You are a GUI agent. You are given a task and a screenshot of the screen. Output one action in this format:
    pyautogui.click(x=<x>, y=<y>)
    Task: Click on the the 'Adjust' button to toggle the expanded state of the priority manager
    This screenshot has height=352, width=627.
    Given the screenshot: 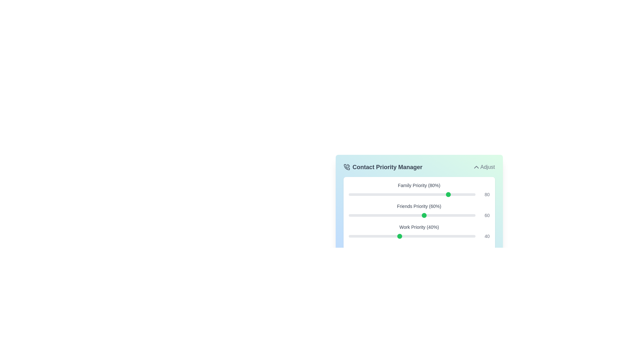 What is the action you would take?
    pyautogui.click(x=484, y=167)
    